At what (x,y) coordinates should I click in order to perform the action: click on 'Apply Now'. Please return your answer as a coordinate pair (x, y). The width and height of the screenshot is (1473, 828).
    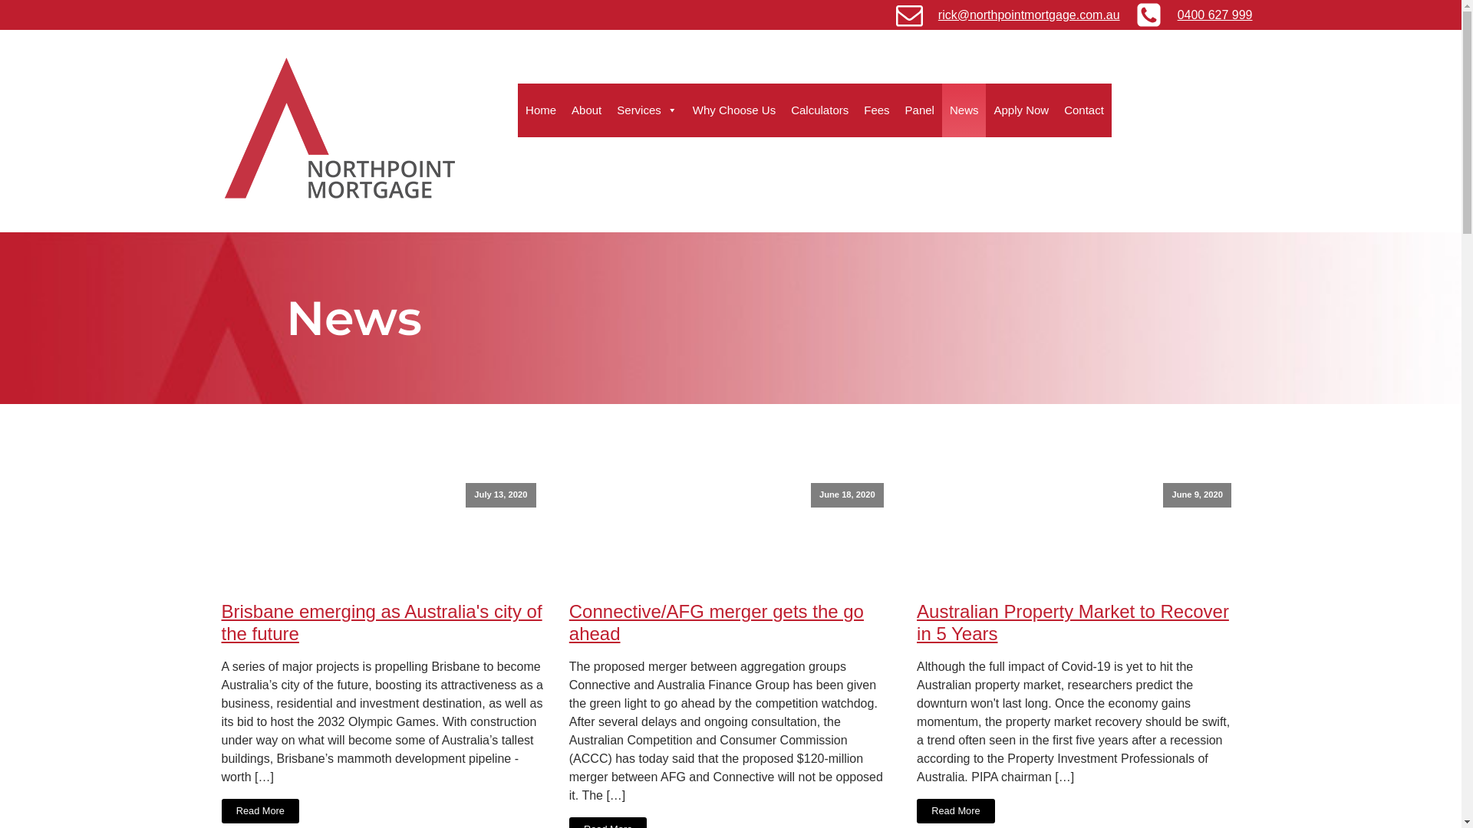
    Looking at the image, I should click on (1020, 109).